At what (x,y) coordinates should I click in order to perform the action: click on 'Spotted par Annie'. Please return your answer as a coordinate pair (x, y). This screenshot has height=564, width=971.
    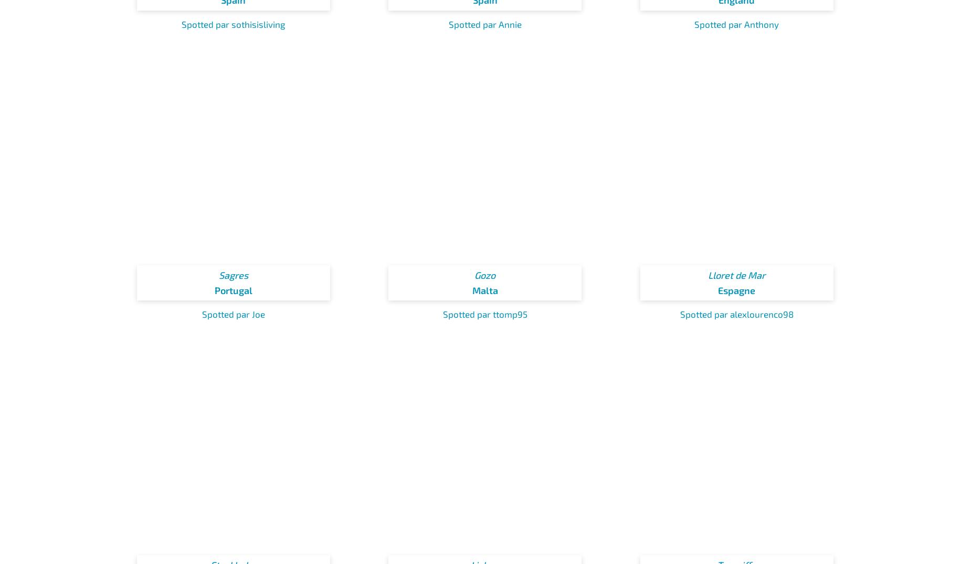
    Looking at the image, I should click on (484, 23).